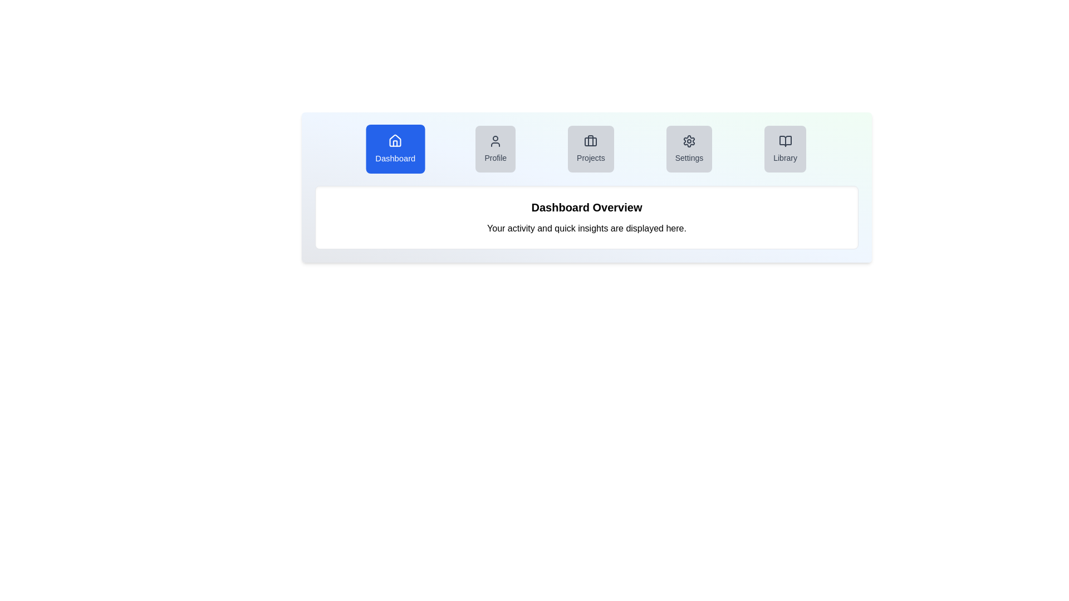  Describe the element at coordinates (586, 228) in the screenshot. I see `the text label that contains the phrase 'Your activity and quick insights are displayed here.' which is located directly below the 'Dashboard Overview' heading` at that location.